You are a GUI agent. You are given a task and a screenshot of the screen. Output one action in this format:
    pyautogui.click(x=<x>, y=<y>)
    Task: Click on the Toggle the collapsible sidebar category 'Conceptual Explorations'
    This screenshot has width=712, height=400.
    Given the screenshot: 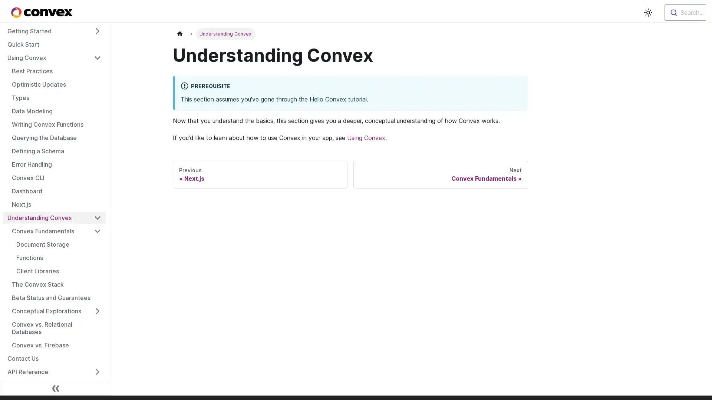 What is the action you would take?
    pyautogui.click(x=97, y=311)
    